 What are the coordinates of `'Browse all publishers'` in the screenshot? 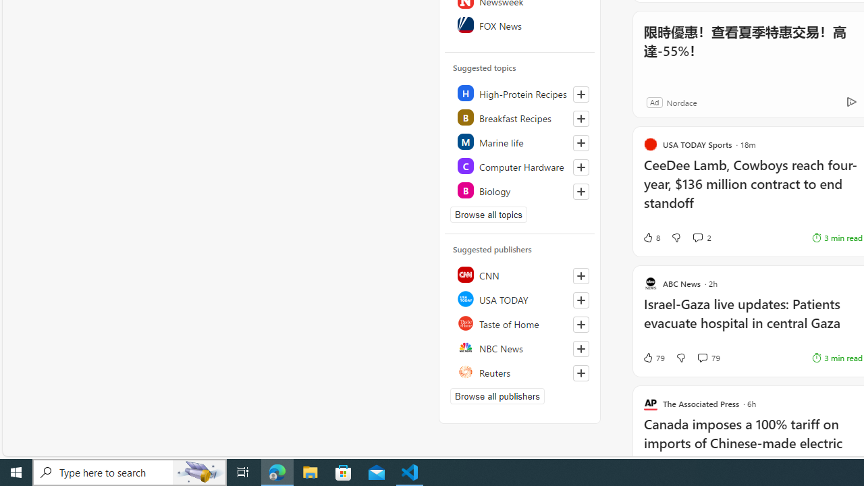 It's located at (496, 396).